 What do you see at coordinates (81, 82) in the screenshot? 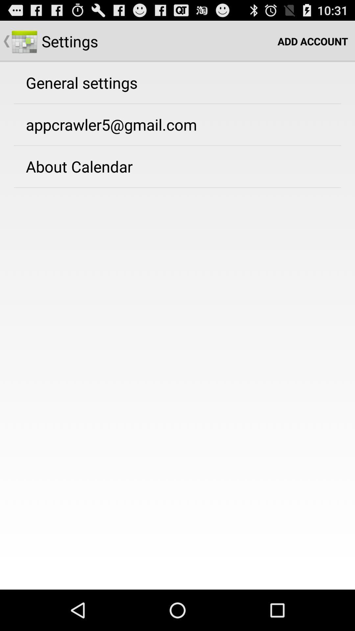
I see `the item above appcrawler5@gmail.com app` at bounding box center [81, 82].